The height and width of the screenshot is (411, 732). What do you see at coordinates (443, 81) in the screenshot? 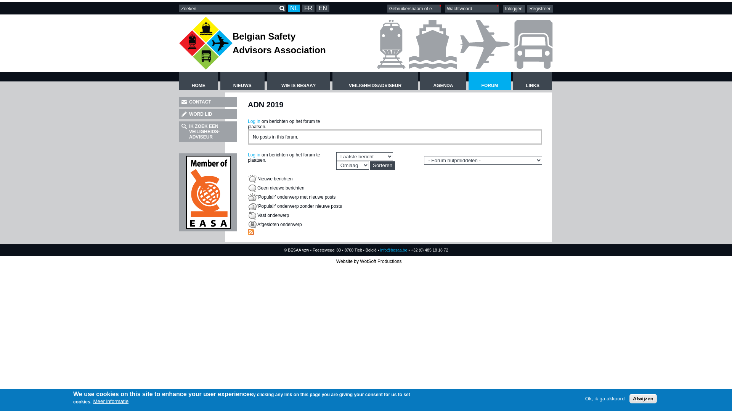
I see `'AGENDA'` at bounding box center [443, 81].